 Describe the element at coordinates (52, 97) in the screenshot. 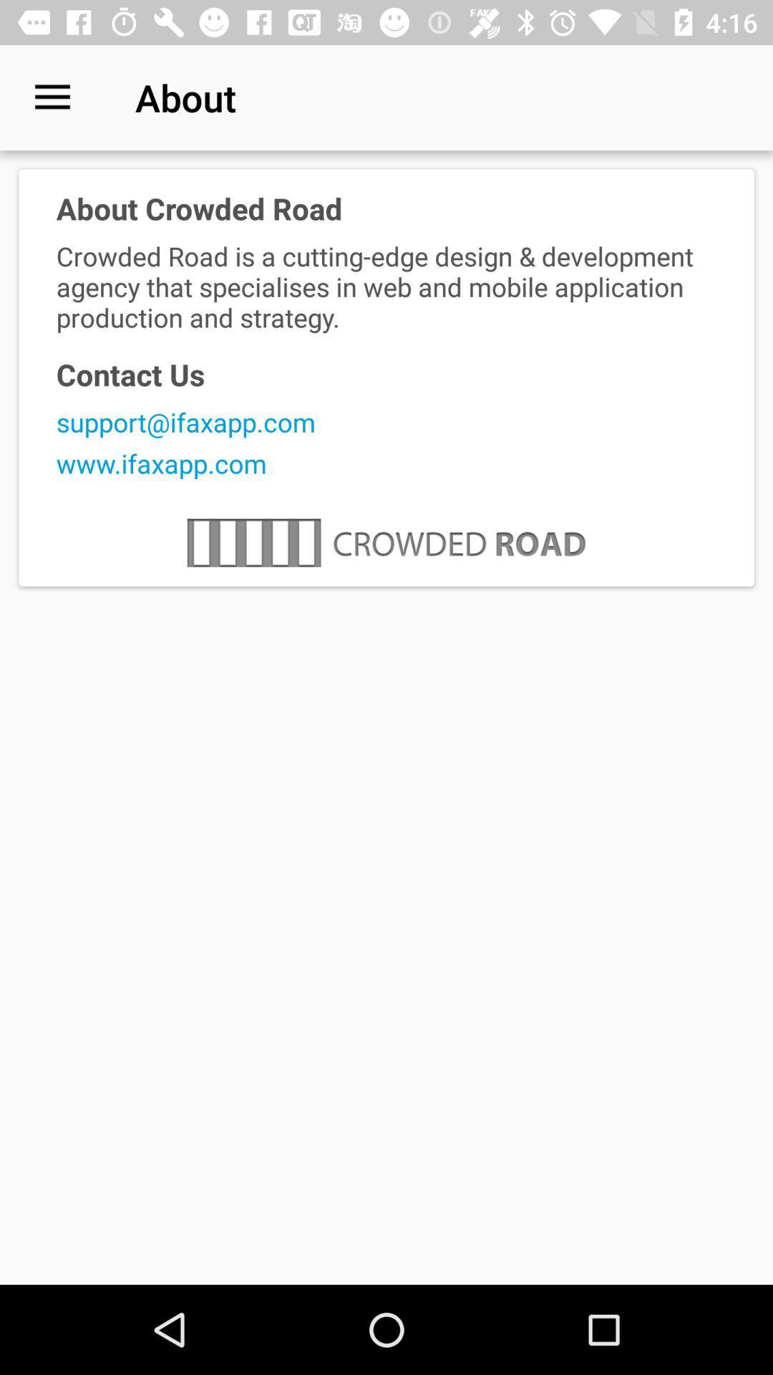

I see `item next to about item` at that location.